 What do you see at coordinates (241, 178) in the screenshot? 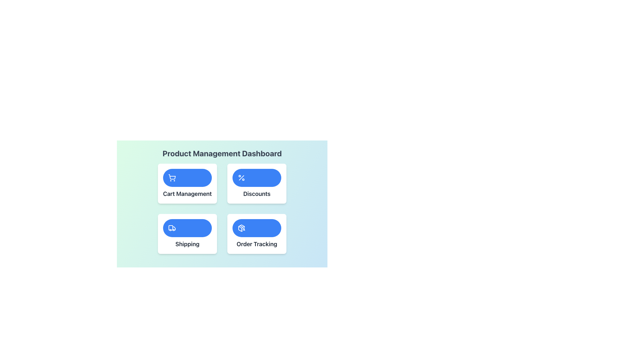
I see `the circular percent symbol icon within the blue rounded rectangular button labeled 'Discounts'` at bounding box center [241, 178].